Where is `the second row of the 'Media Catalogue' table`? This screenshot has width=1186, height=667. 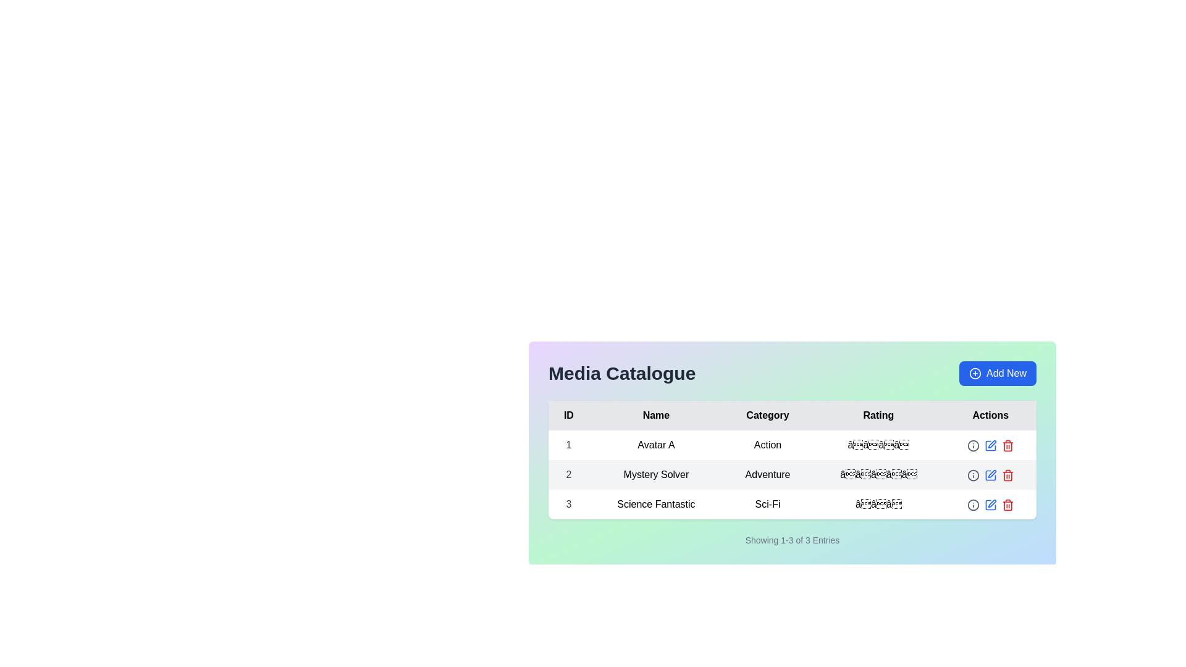 the second row of the 'Media Catalogue' table is located at coordinates (792, 474).